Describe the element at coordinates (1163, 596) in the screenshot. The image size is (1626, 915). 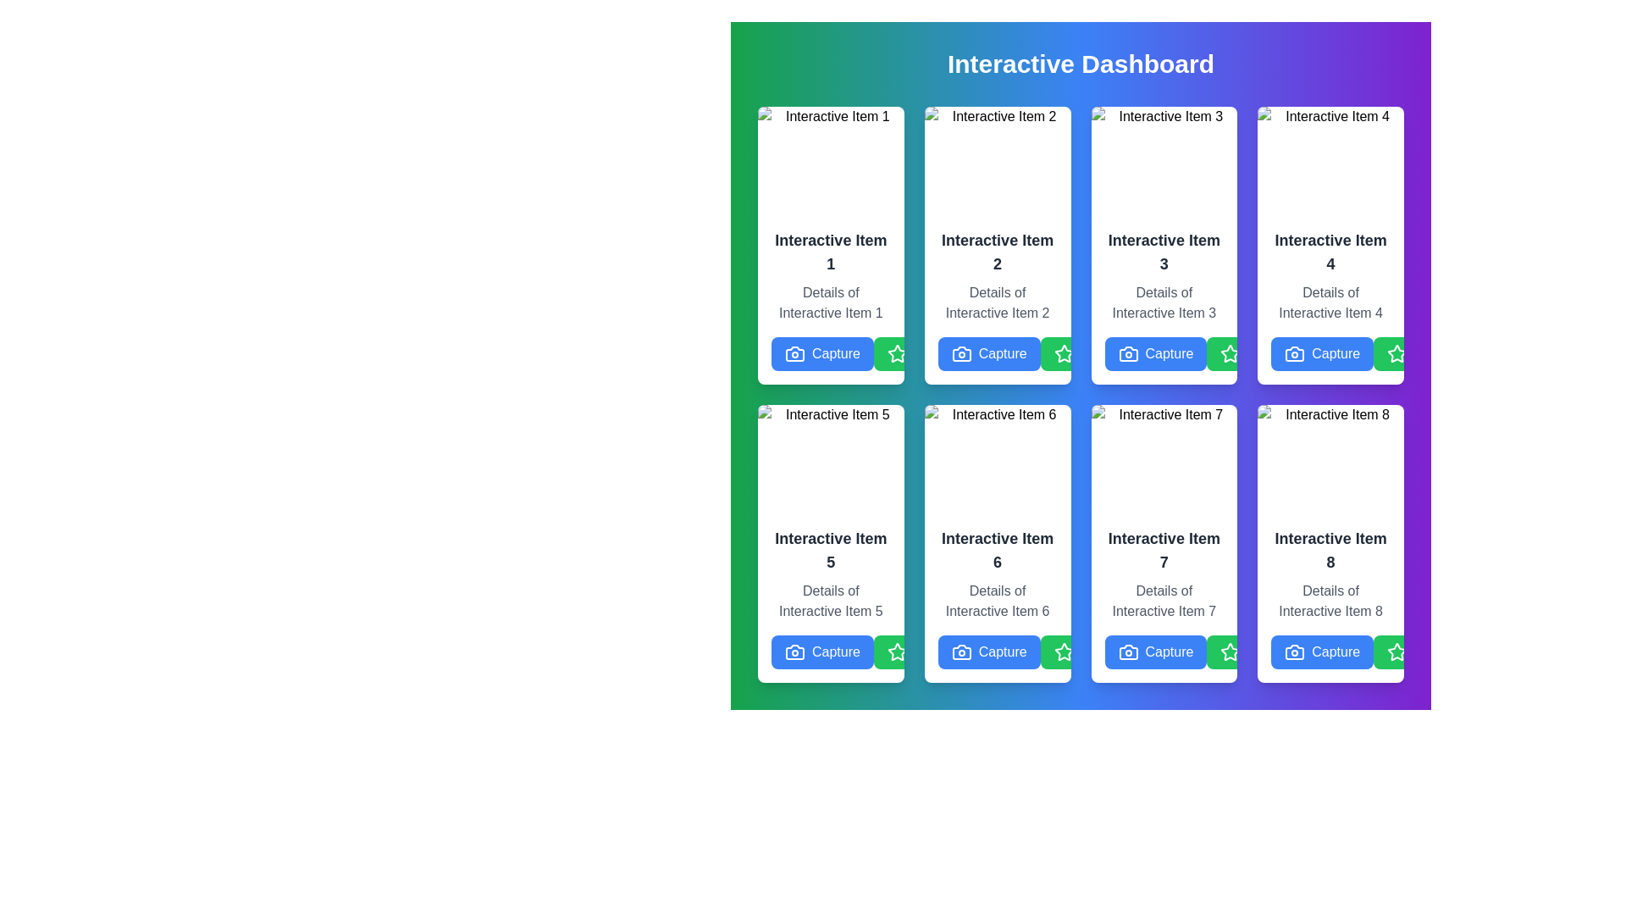
I see `supplementary text located in the card labeled 'Interactive Item 7', which is centered below the title text and above a row of buttons` at that location.